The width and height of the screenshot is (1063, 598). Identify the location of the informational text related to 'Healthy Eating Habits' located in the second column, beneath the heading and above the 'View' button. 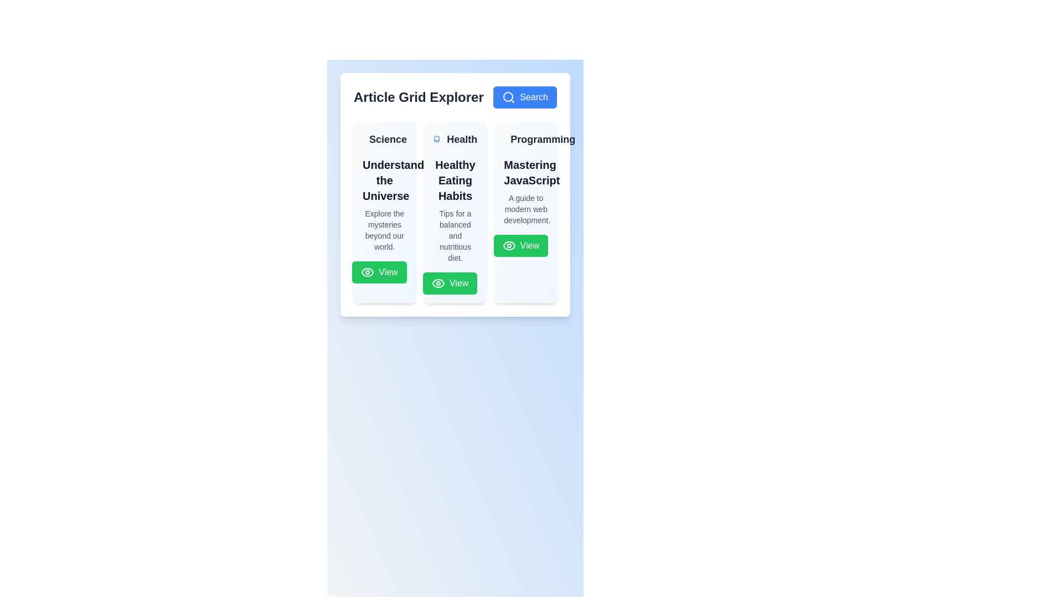
(455, 235).